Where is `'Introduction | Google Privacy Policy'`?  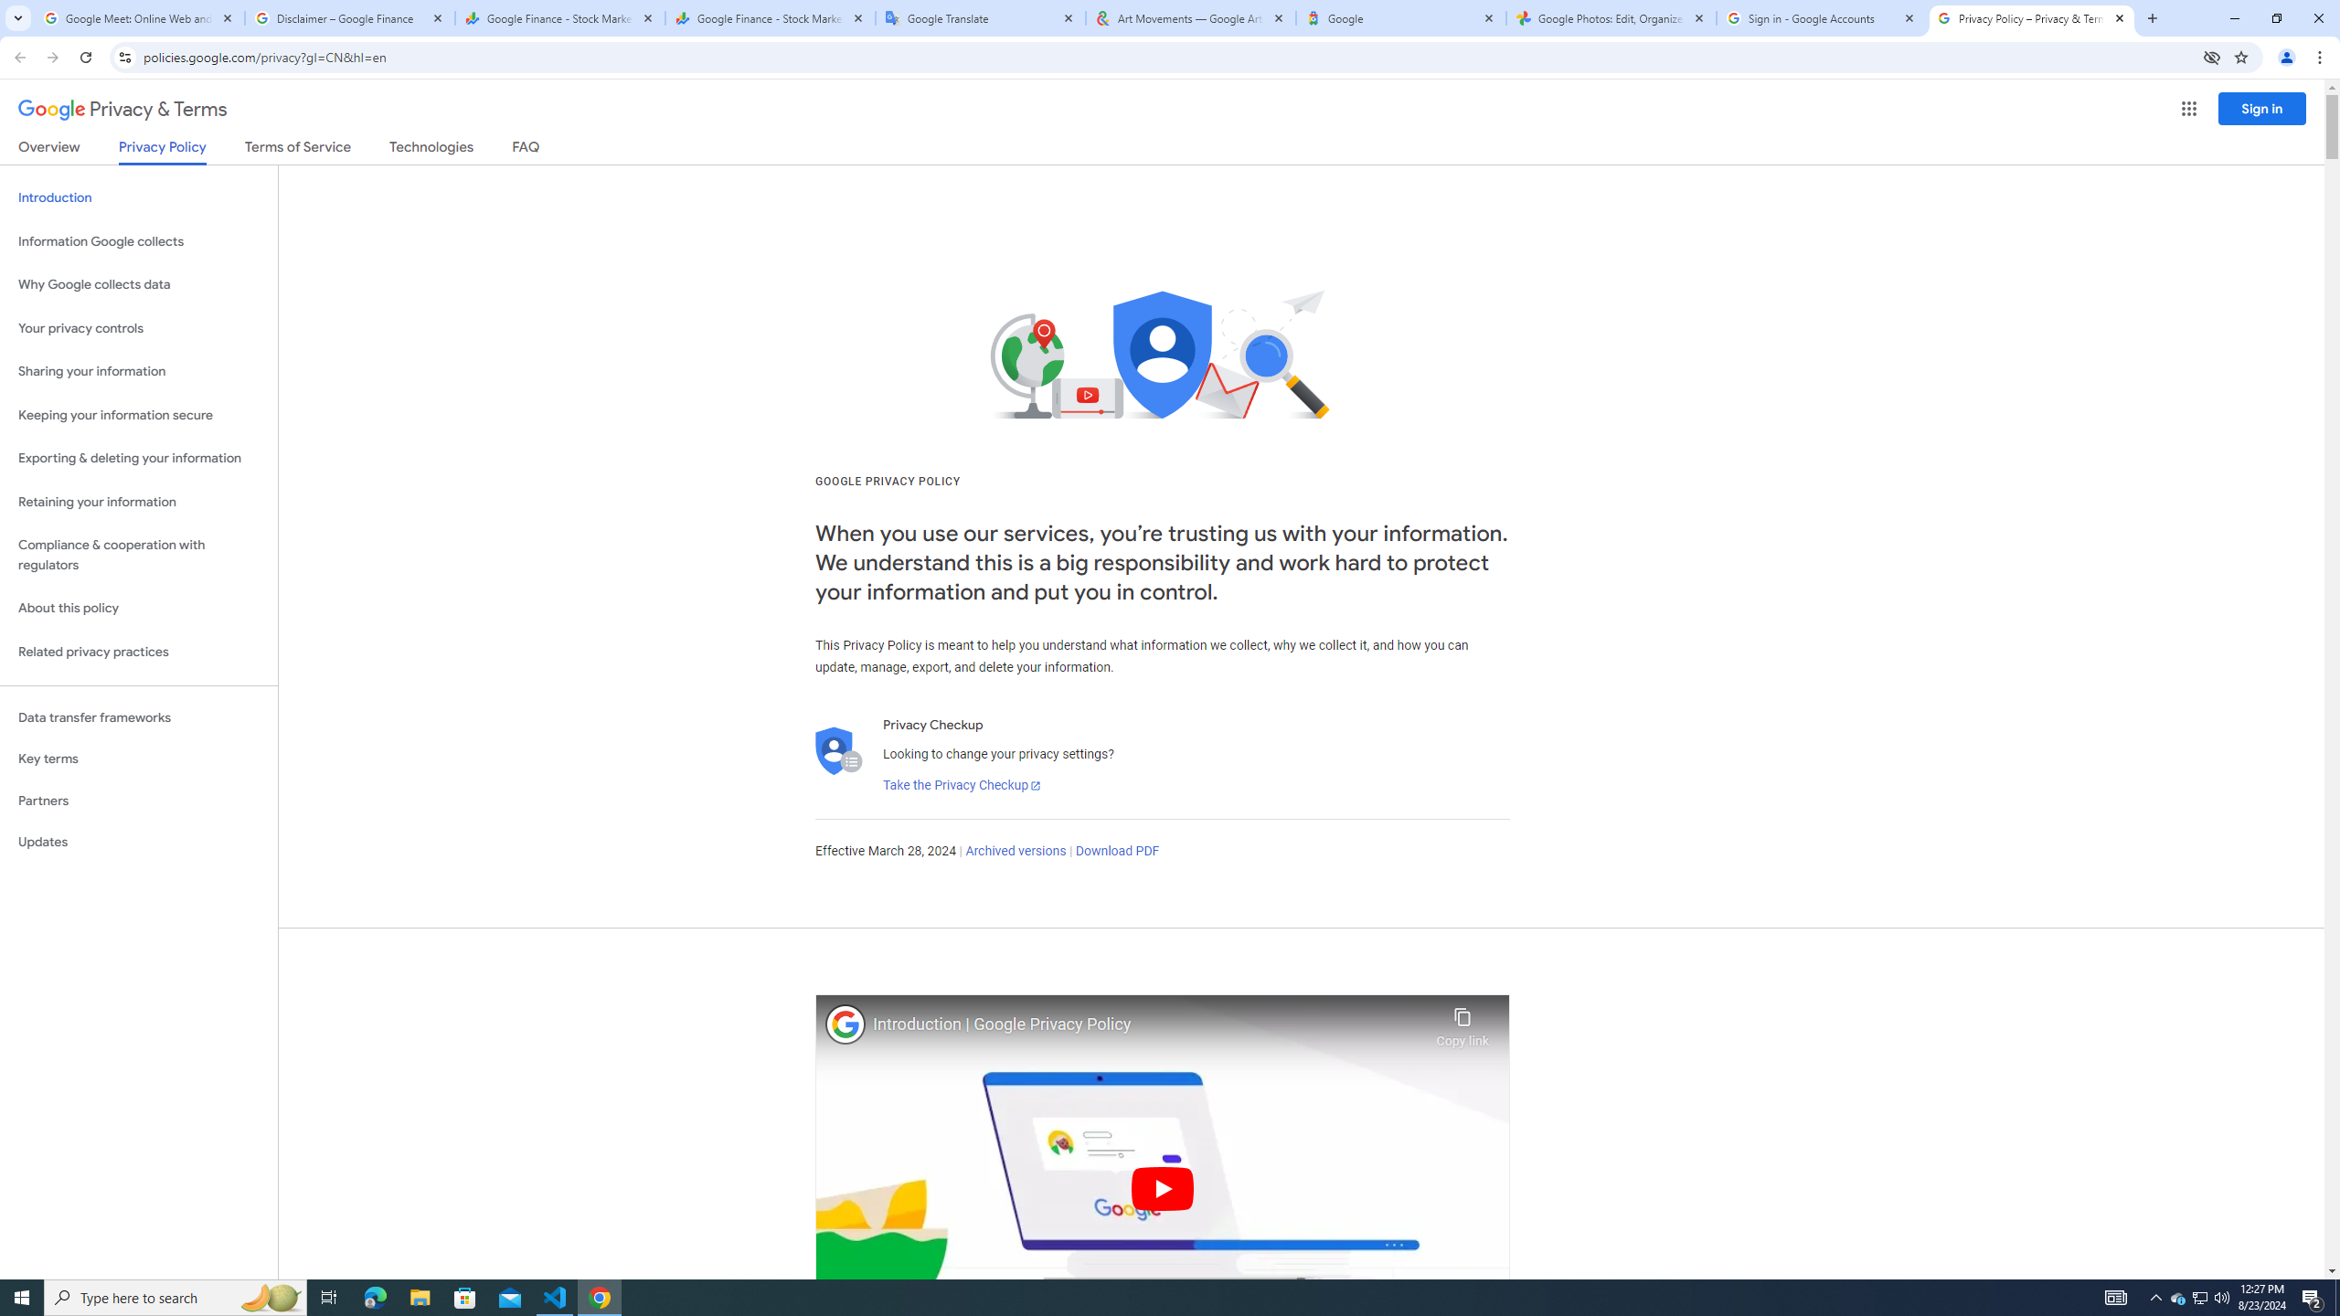 'Introduction | Google Privacy Policy' is located at coordinates (1149, 1024).